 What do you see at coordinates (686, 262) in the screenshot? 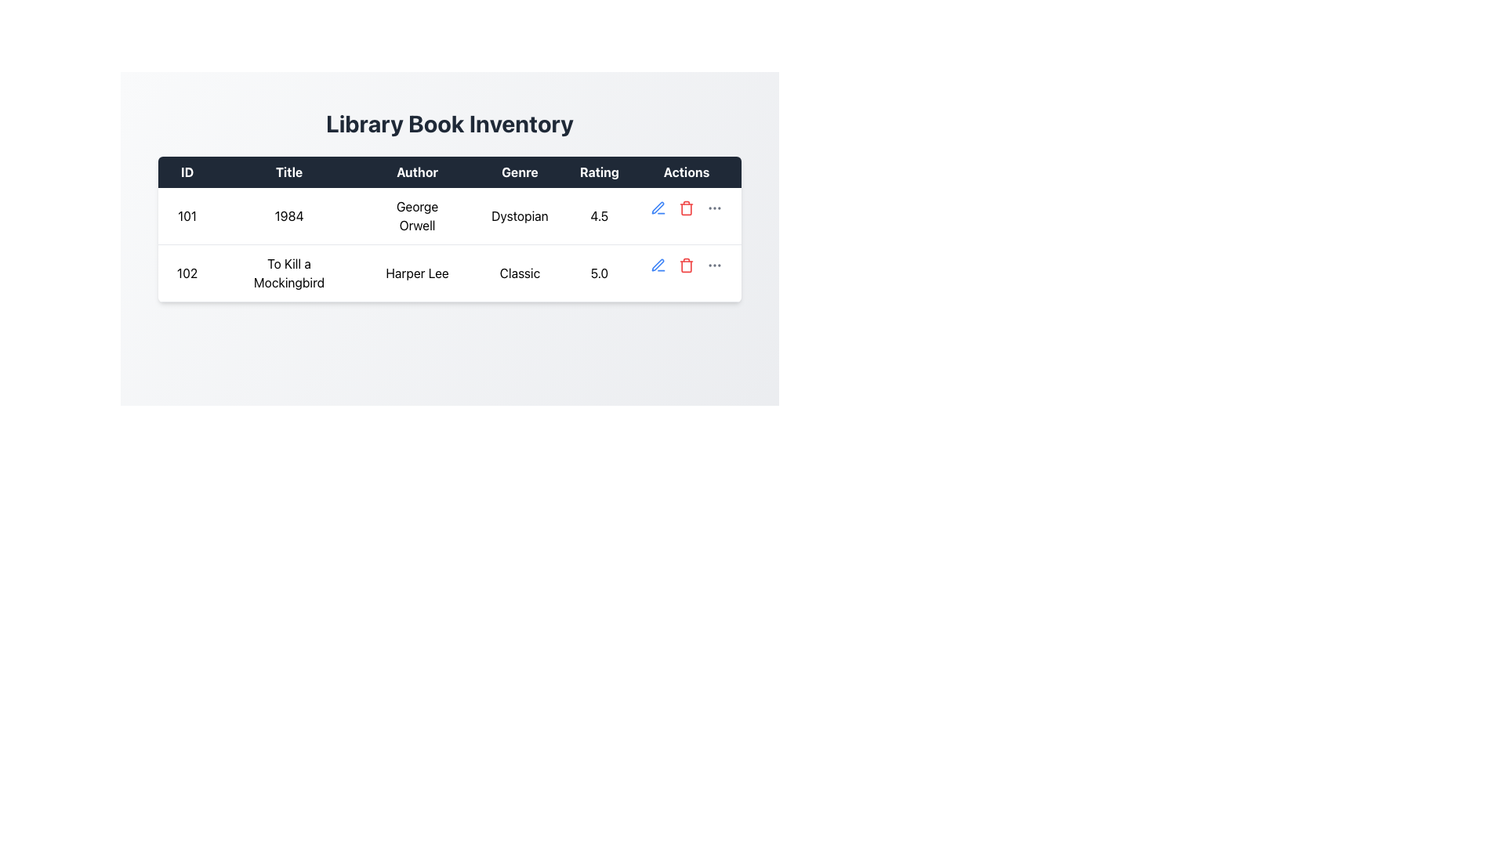
I see `the delete icon in the 'Actions' cell of the row for 'To Kill a Mockingbird'` at bounding box center [686, 262].